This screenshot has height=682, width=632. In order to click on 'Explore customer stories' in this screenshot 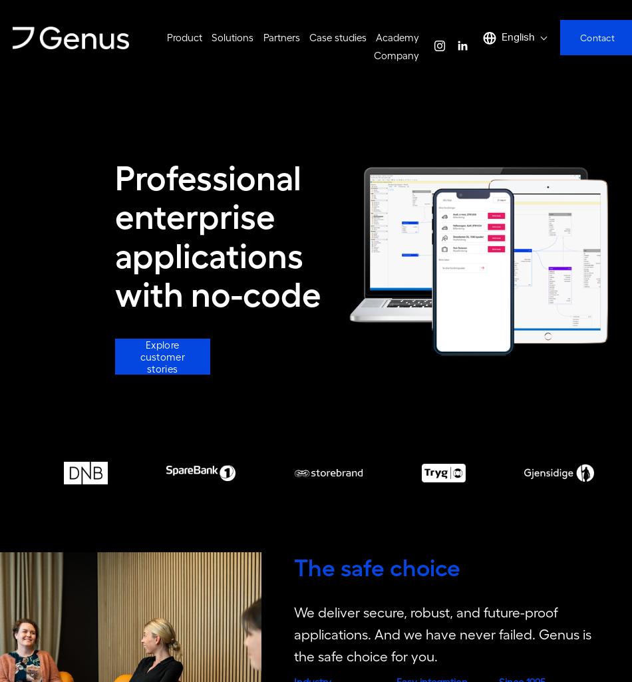, I will do `click(161, 361)`.